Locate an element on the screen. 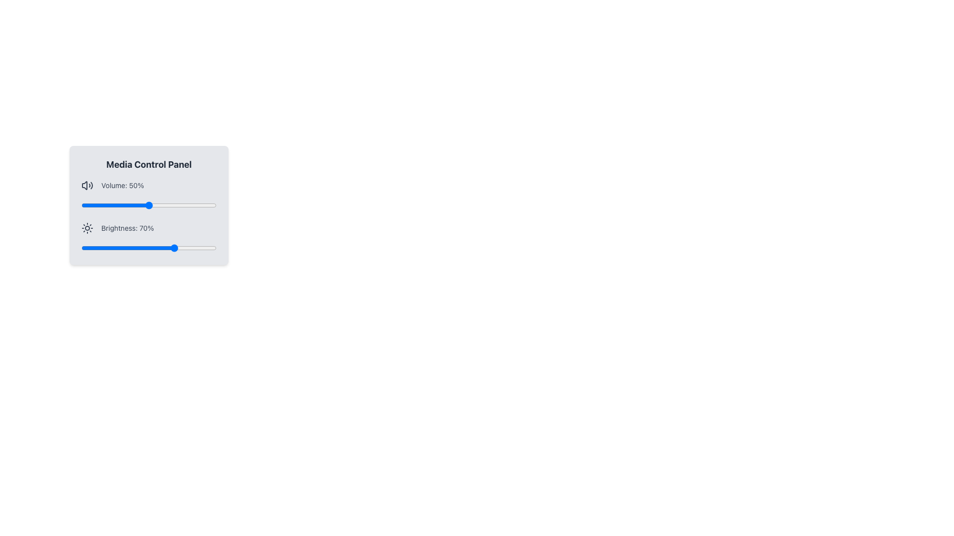 The image size is (954, 536). the slider value is located at coordinates (114, 204).